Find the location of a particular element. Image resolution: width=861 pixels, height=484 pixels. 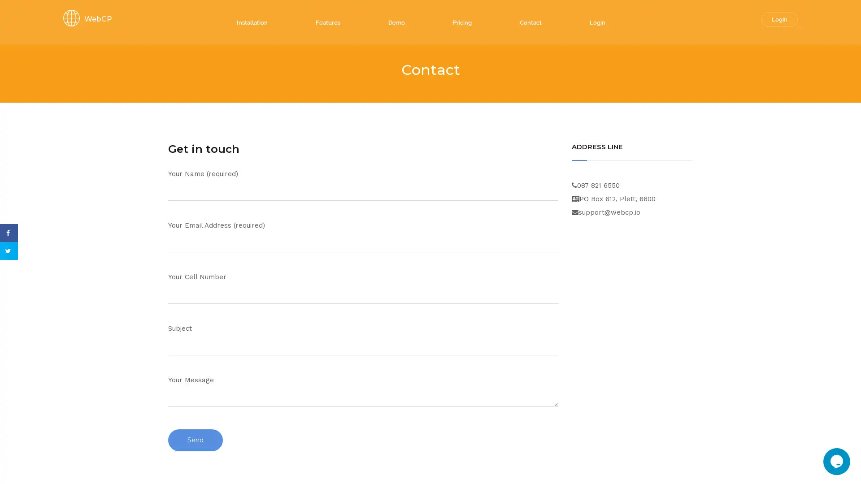

Send is located at coordinates (195, 440).